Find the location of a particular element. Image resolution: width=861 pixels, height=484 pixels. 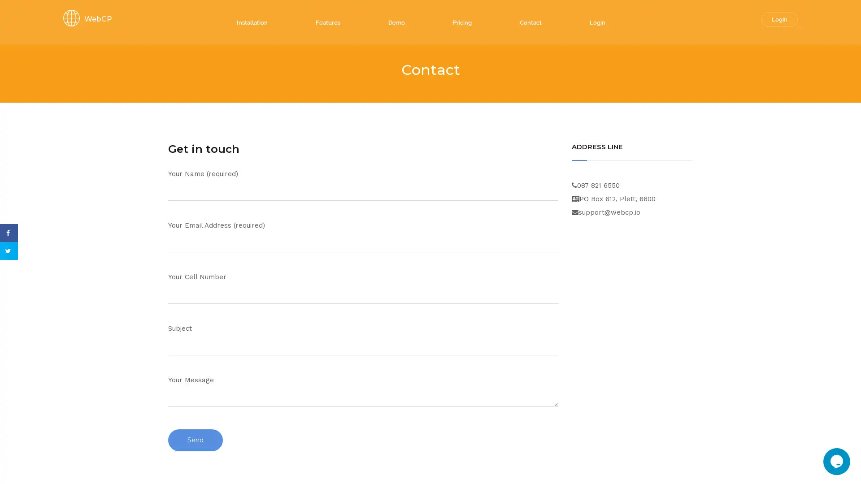

Send is located at coordinates (195, 440).